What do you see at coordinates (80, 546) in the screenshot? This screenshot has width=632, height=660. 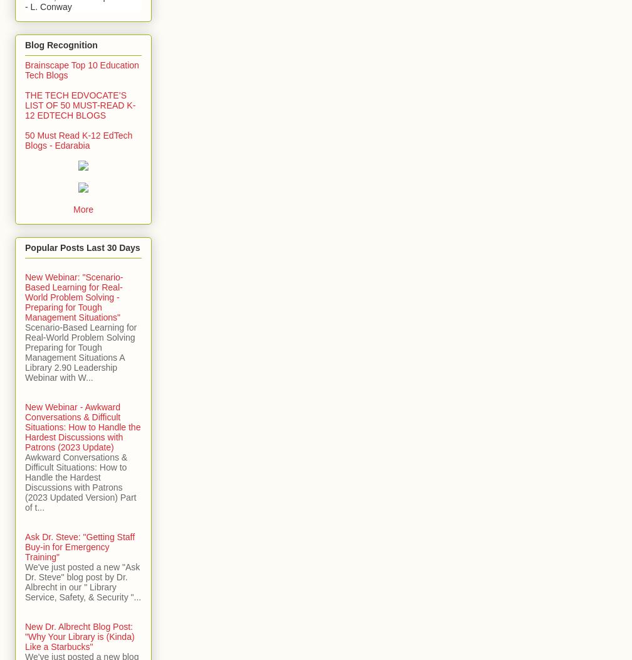 I see `'Ask Dr. Steve: "Getting Staff Buy-in for Emergency Training"'` at bounding box center [80, 546].